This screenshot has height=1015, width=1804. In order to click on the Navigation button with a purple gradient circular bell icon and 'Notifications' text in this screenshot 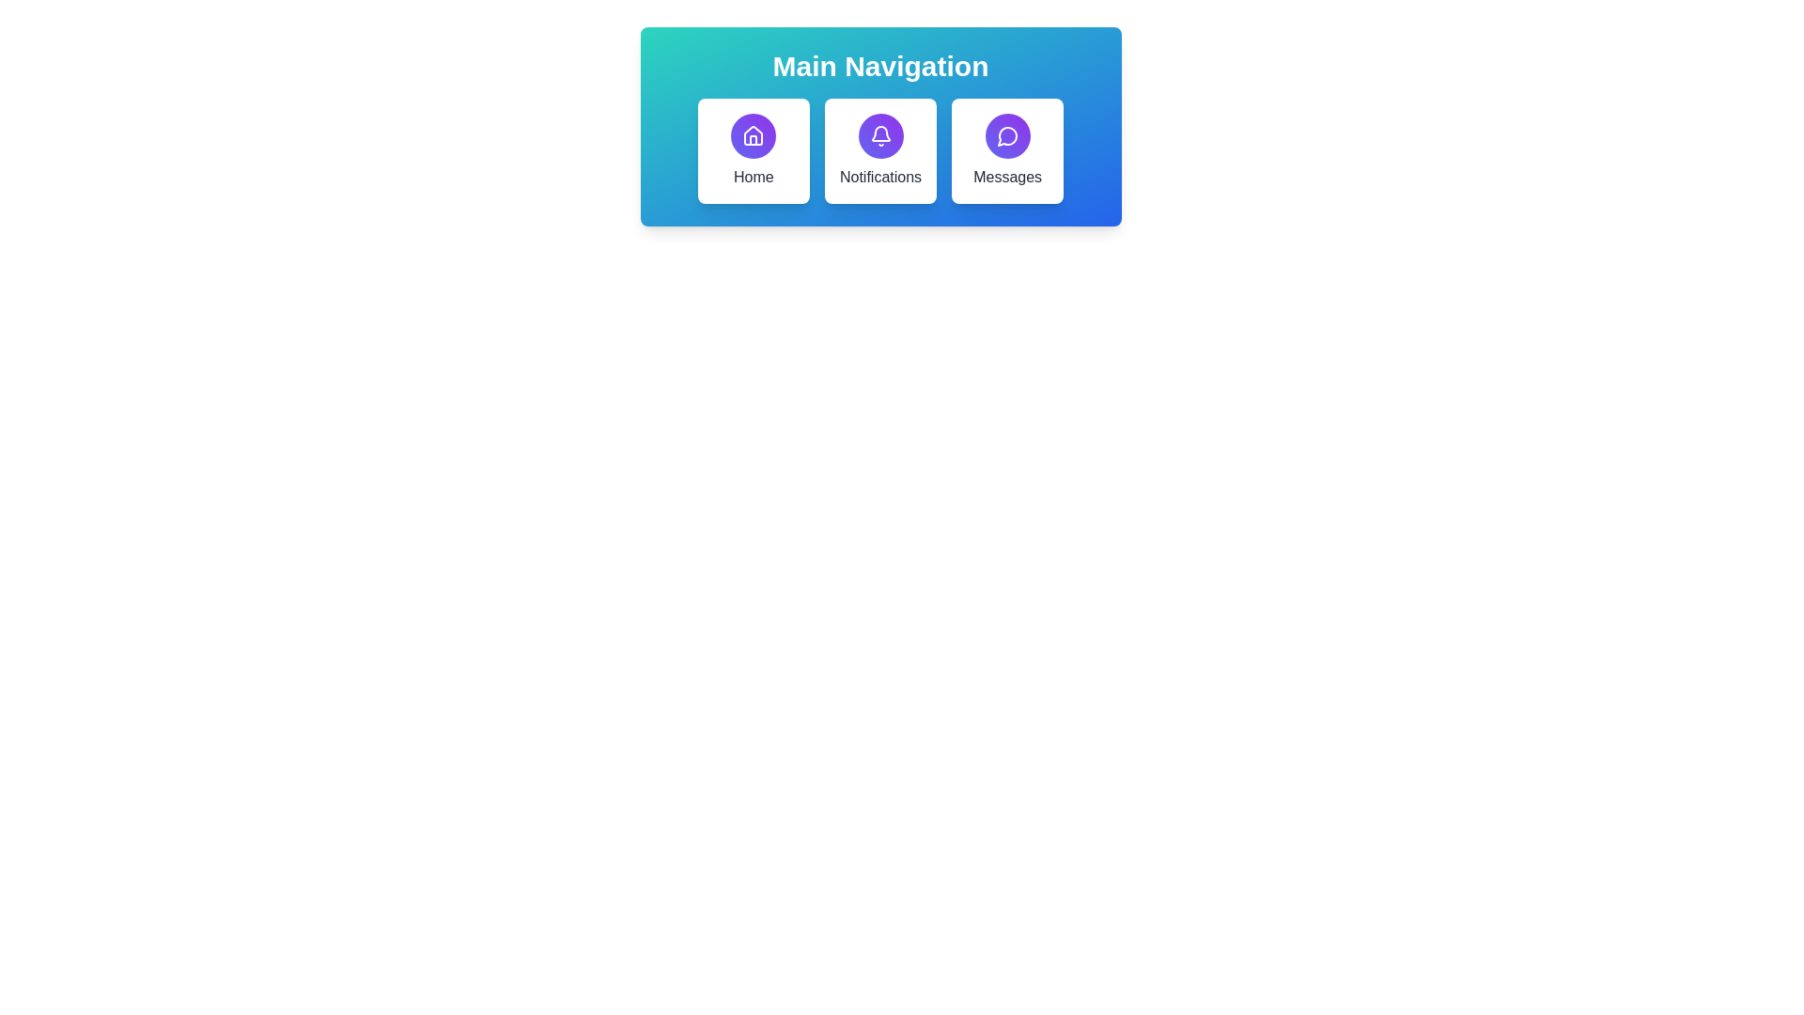, I will do `click(879, 150)`.